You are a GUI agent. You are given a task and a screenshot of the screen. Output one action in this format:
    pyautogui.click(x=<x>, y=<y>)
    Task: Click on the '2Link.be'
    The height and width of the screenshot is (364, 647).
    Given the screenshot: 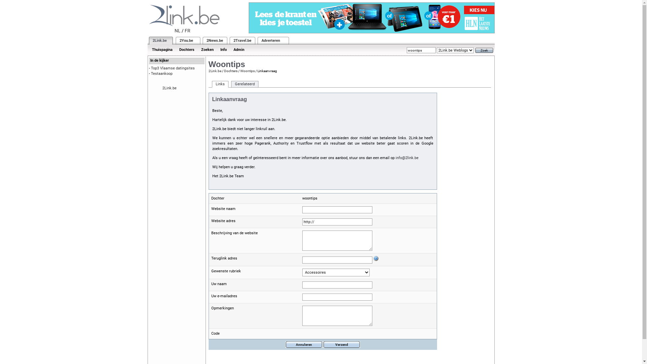 What is the action you would take?
    pyautogui.click(x=214, y=71)
    